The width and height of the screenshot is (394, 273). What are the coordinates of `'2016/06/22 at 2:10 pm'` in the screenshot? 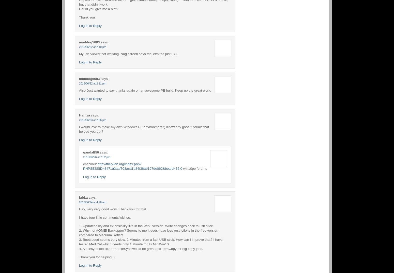 It's located at (92, 46).